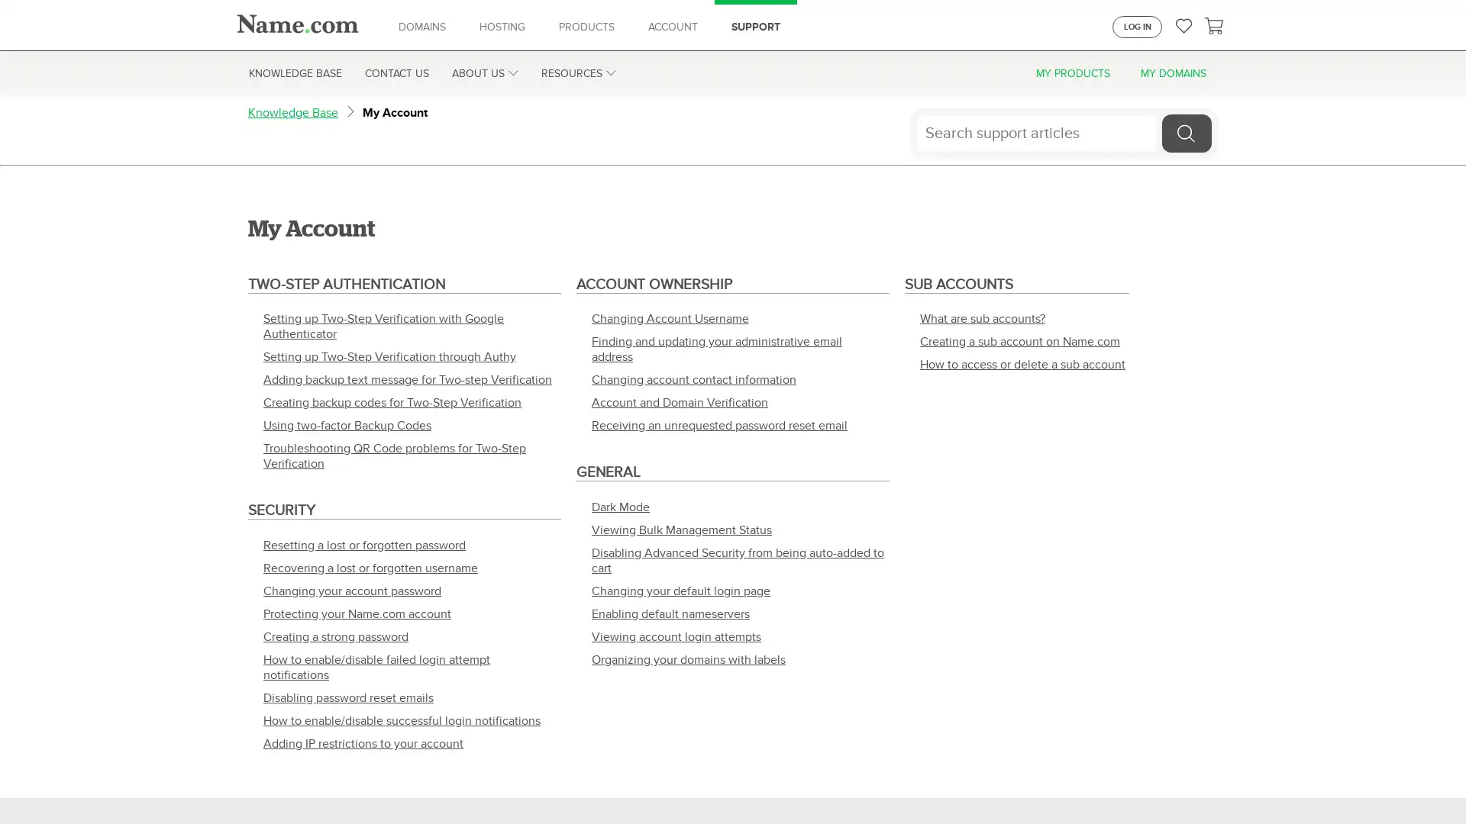  Describe the element at coordinates (1066, 783) in the screenshot. I see `Cookies Settings` at that location.